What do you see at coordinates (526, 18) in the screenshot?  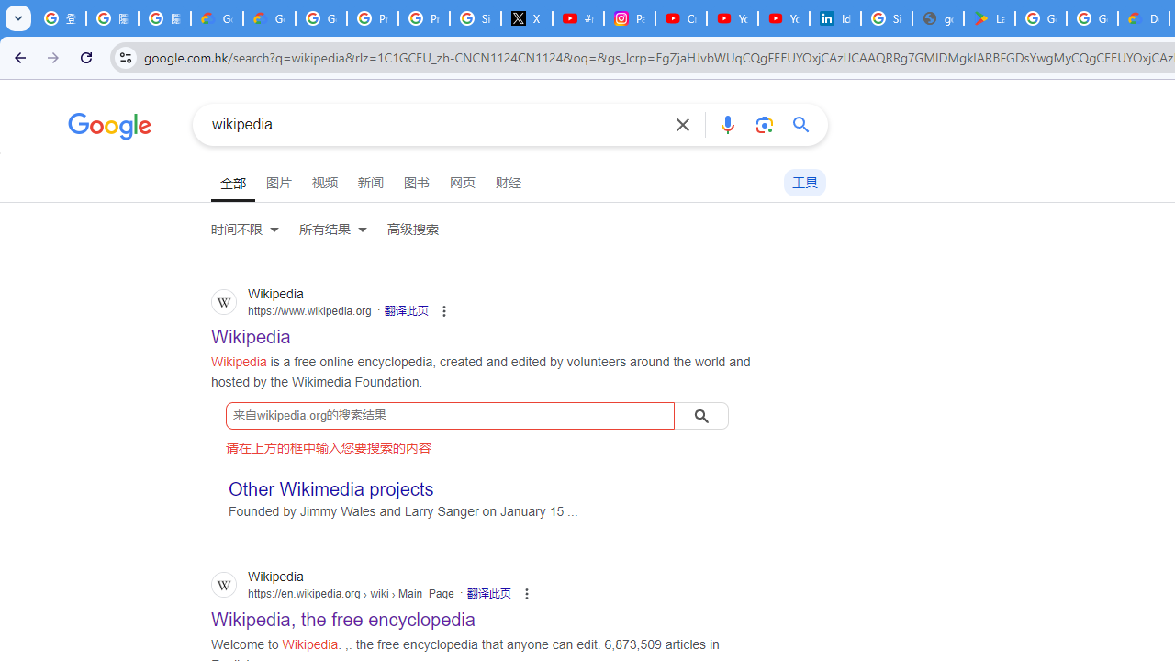 I see `'X'` at bounding box center [526, 18].